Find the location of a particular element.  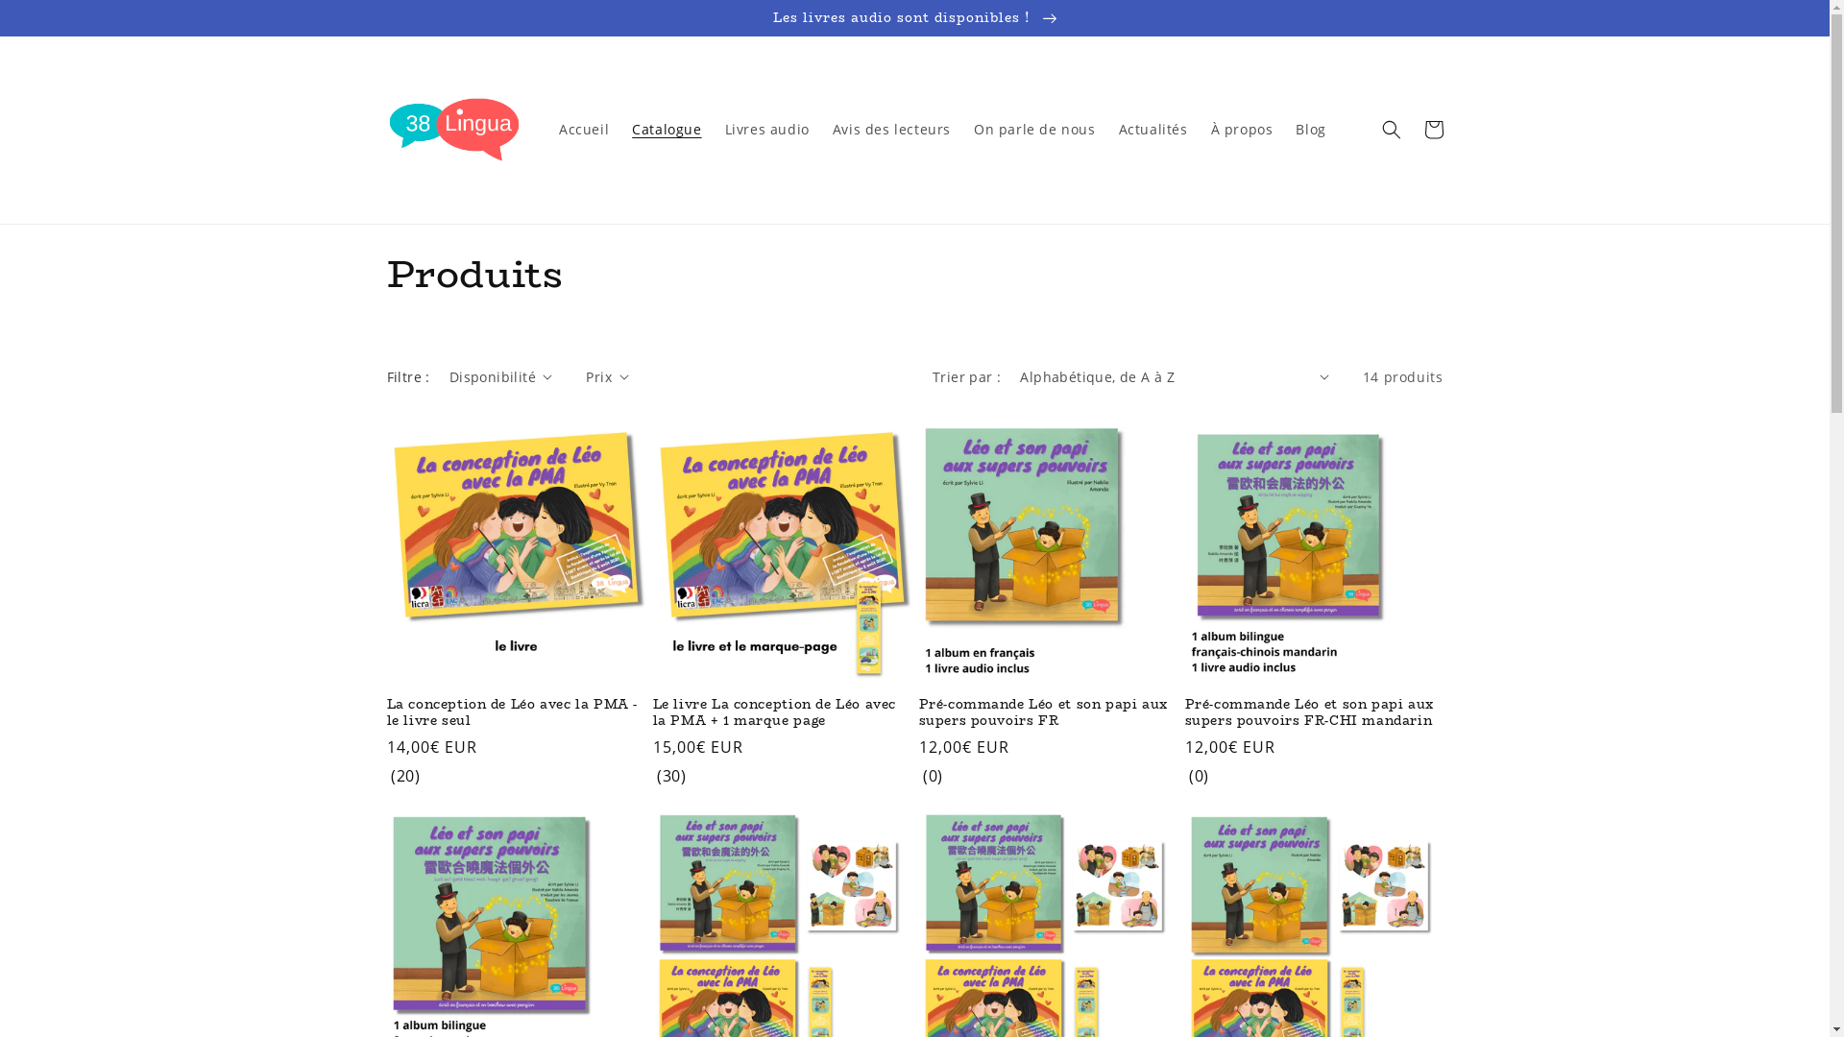

'Accueil' is located at coordinates (583, 130).